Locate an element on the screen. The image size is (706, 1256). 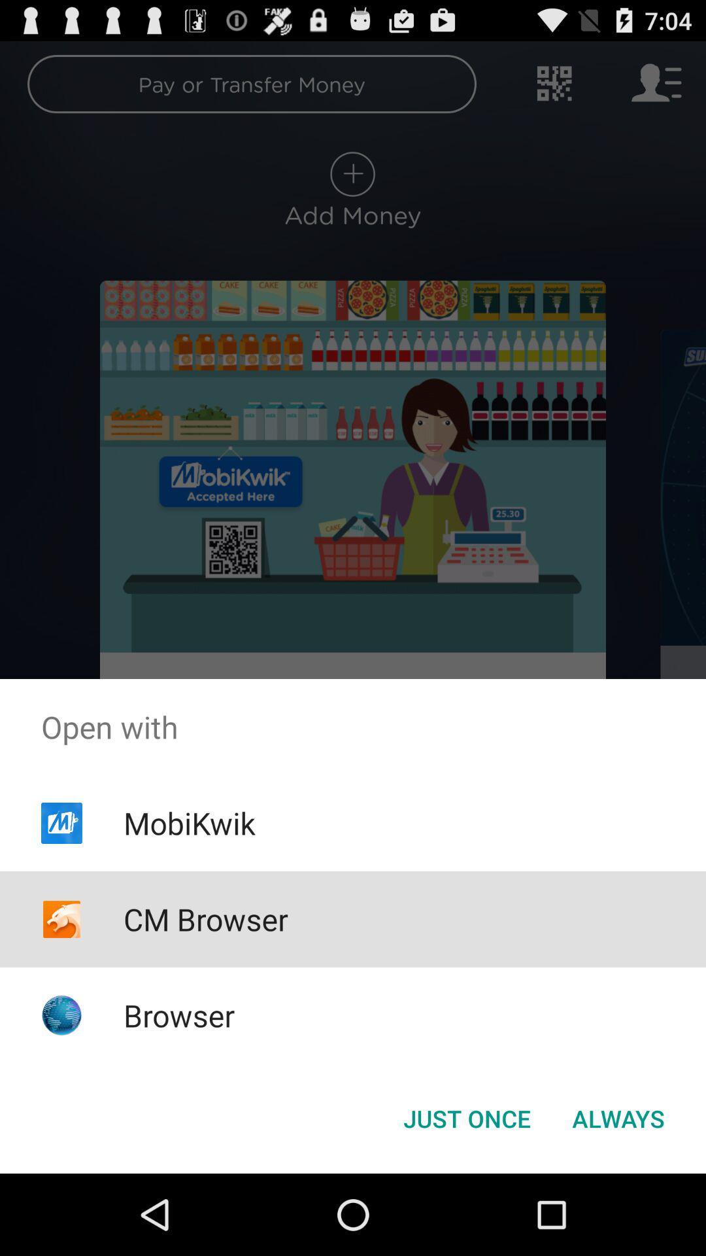
the just once button is located at coordinates (466, 1117).